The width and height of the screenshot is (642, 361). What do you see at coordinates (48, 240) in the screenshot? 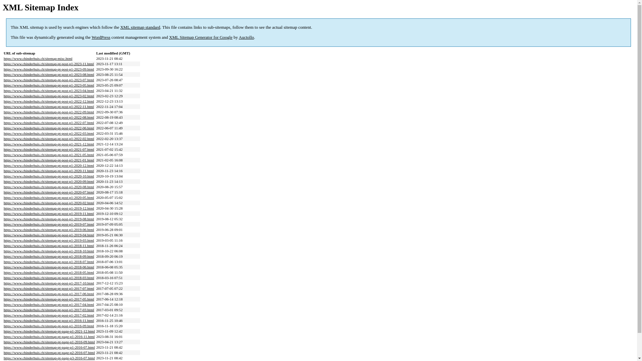
I see `'https://www.chinderhuis.ch/sitemap-pt-post-p1-2019-03.html'` at bounding box center [48, 240].